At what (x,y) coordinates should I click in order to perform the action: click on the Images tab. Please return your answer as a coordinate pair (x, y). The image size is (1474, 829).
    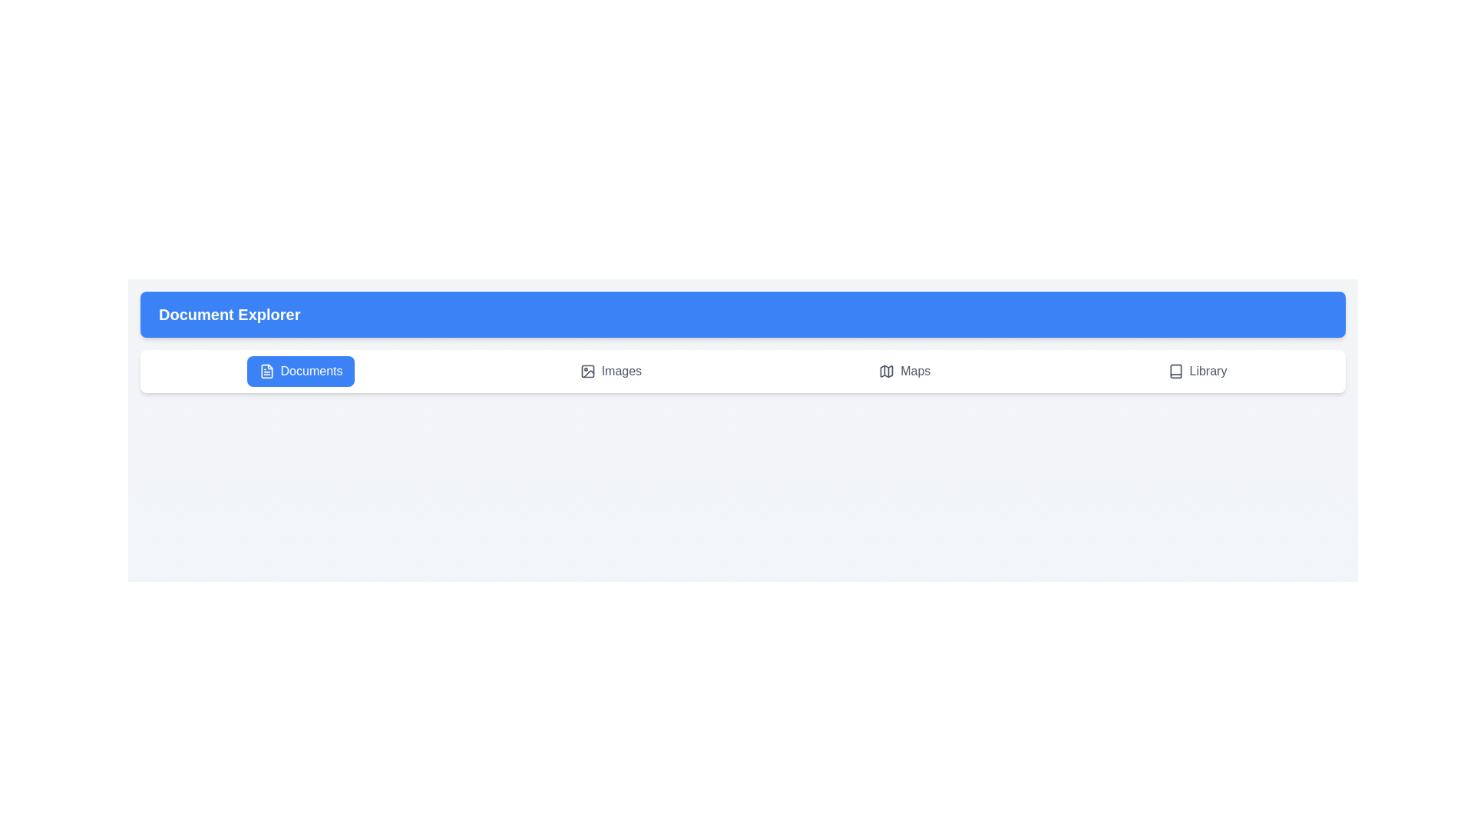
    Looking at the image, I should click on (610, 371).